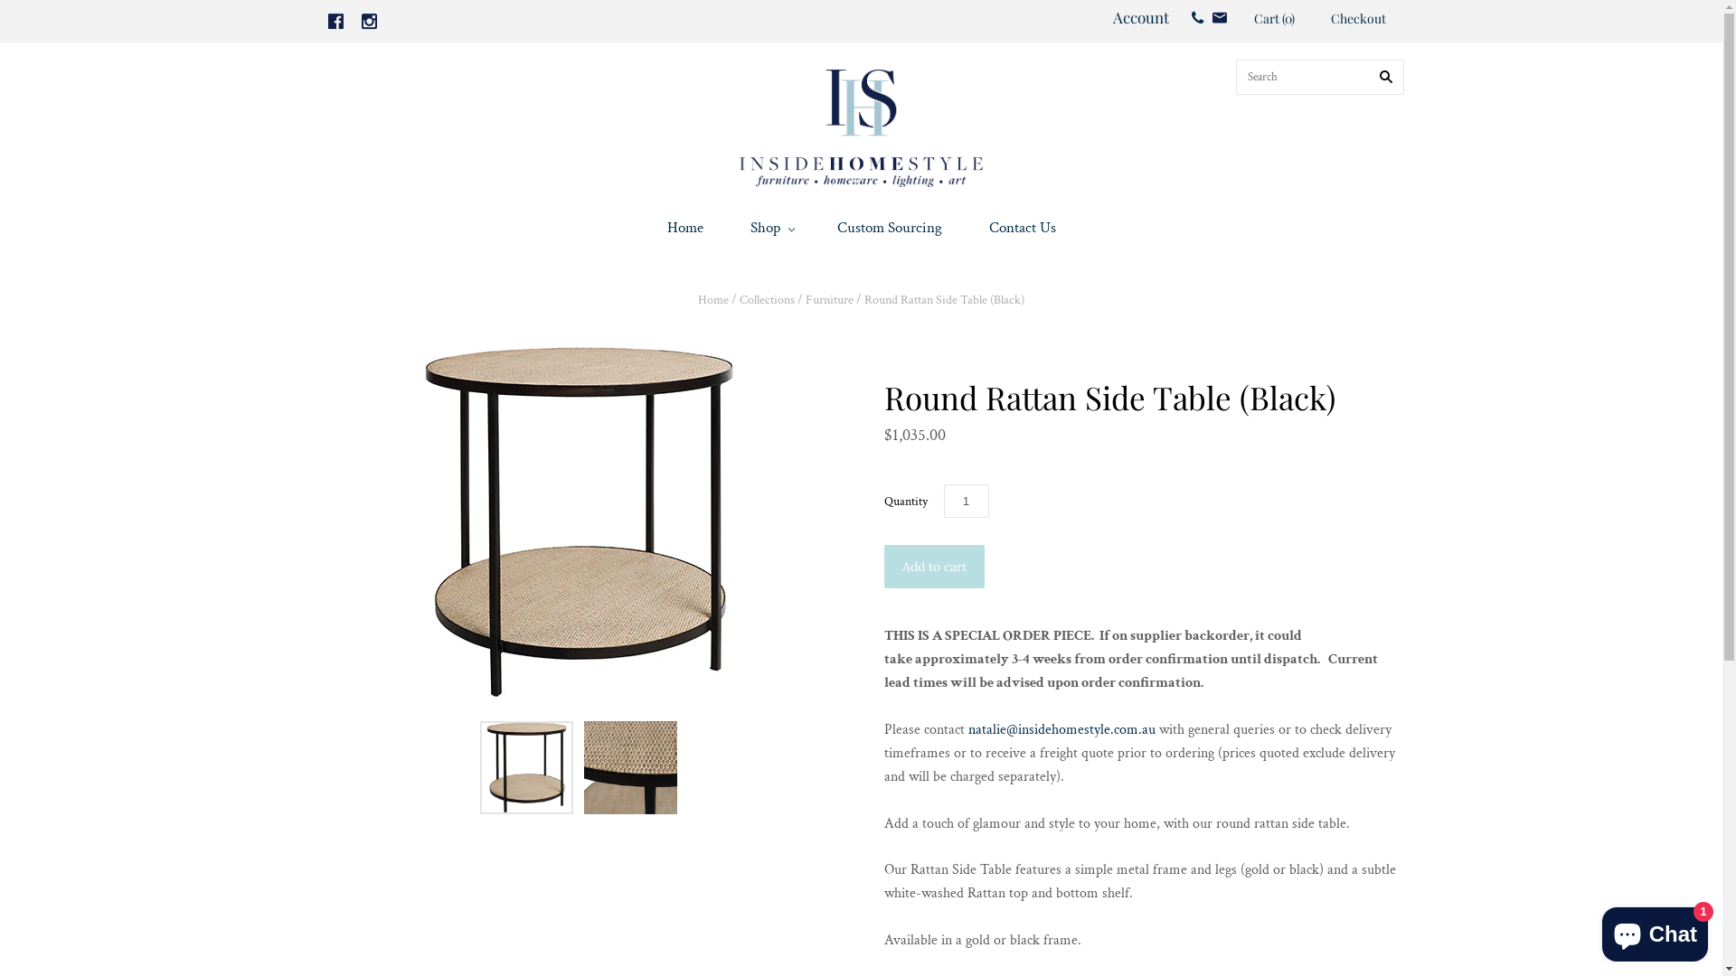 The height and width of the screenshot is (976, 1736). What do you see at coordinates (767, 298) in the screenshot?
I see `'Collections'` at bounding box center [767, 298].